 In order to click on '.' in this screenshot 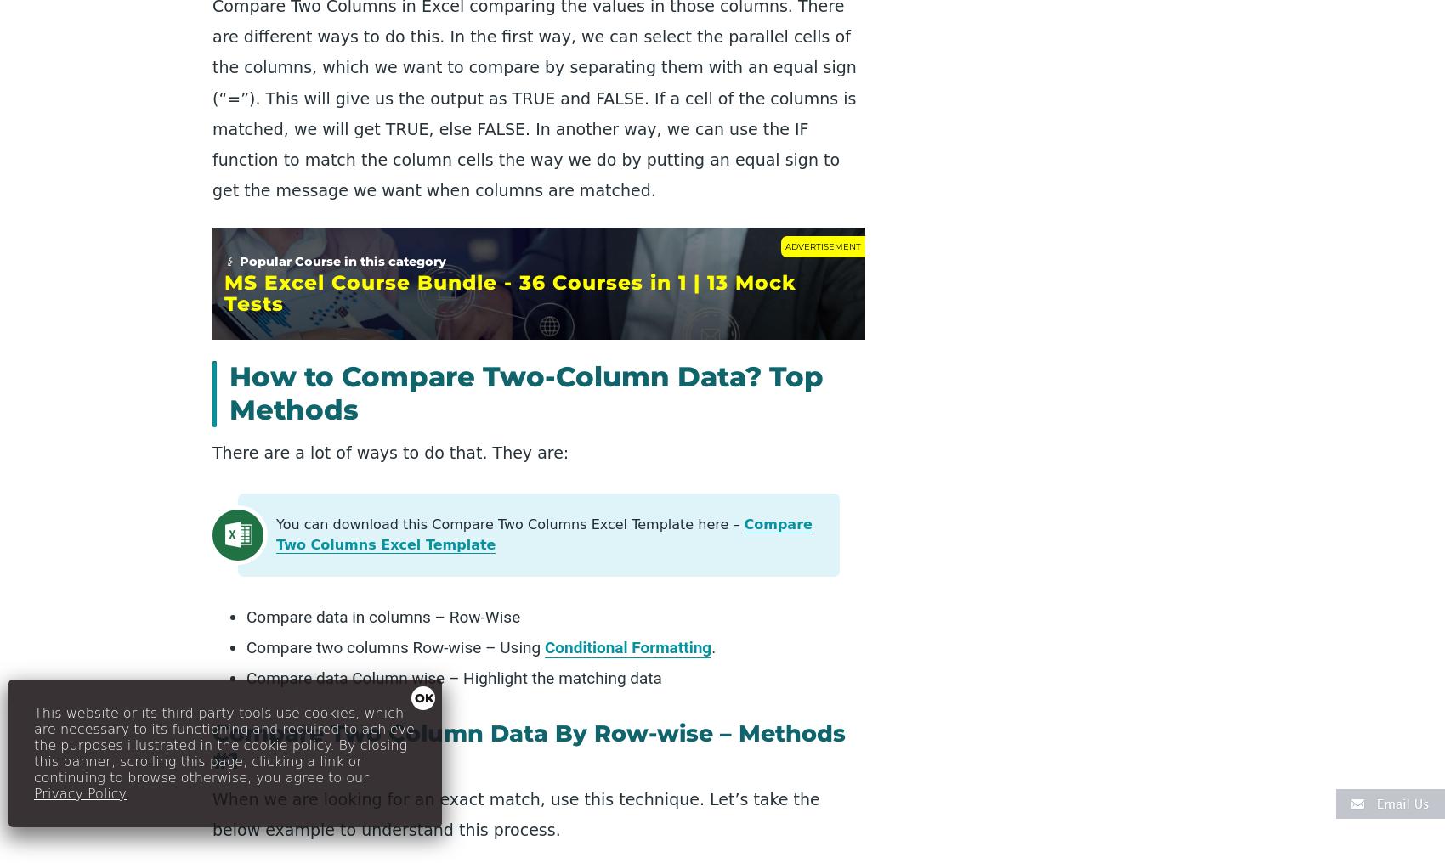, I will do `click(712, 647)`.